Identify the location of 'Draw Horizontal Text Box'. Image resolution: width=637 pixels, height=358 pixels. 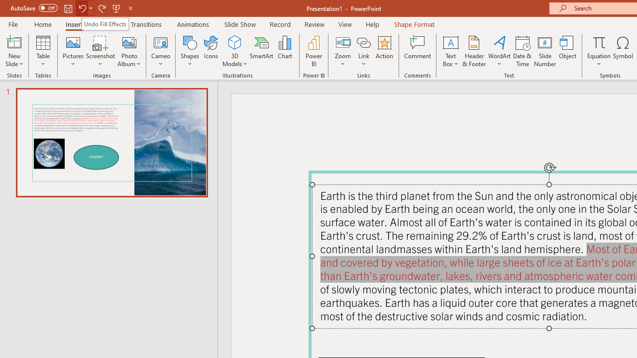
(450, 42).